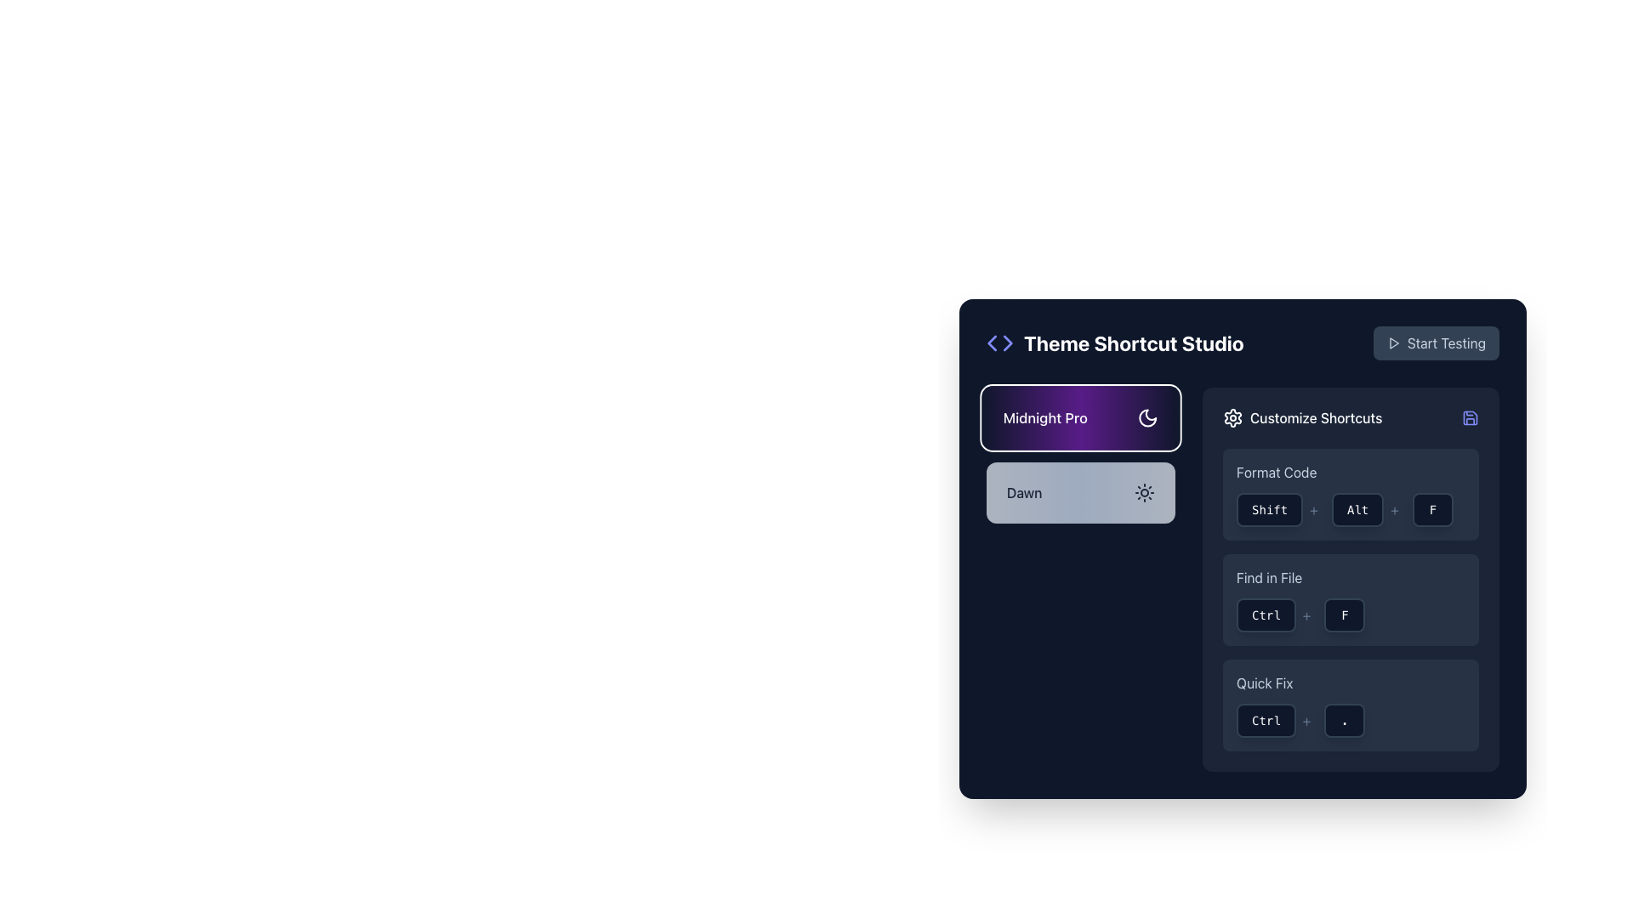  Describe the element at coordinates (1394, 343) in the screenshot. I see `the SVG graphical component that serves as a visual indicator for play action, located in the right portion of the media interface's interactive controls section` at that location.